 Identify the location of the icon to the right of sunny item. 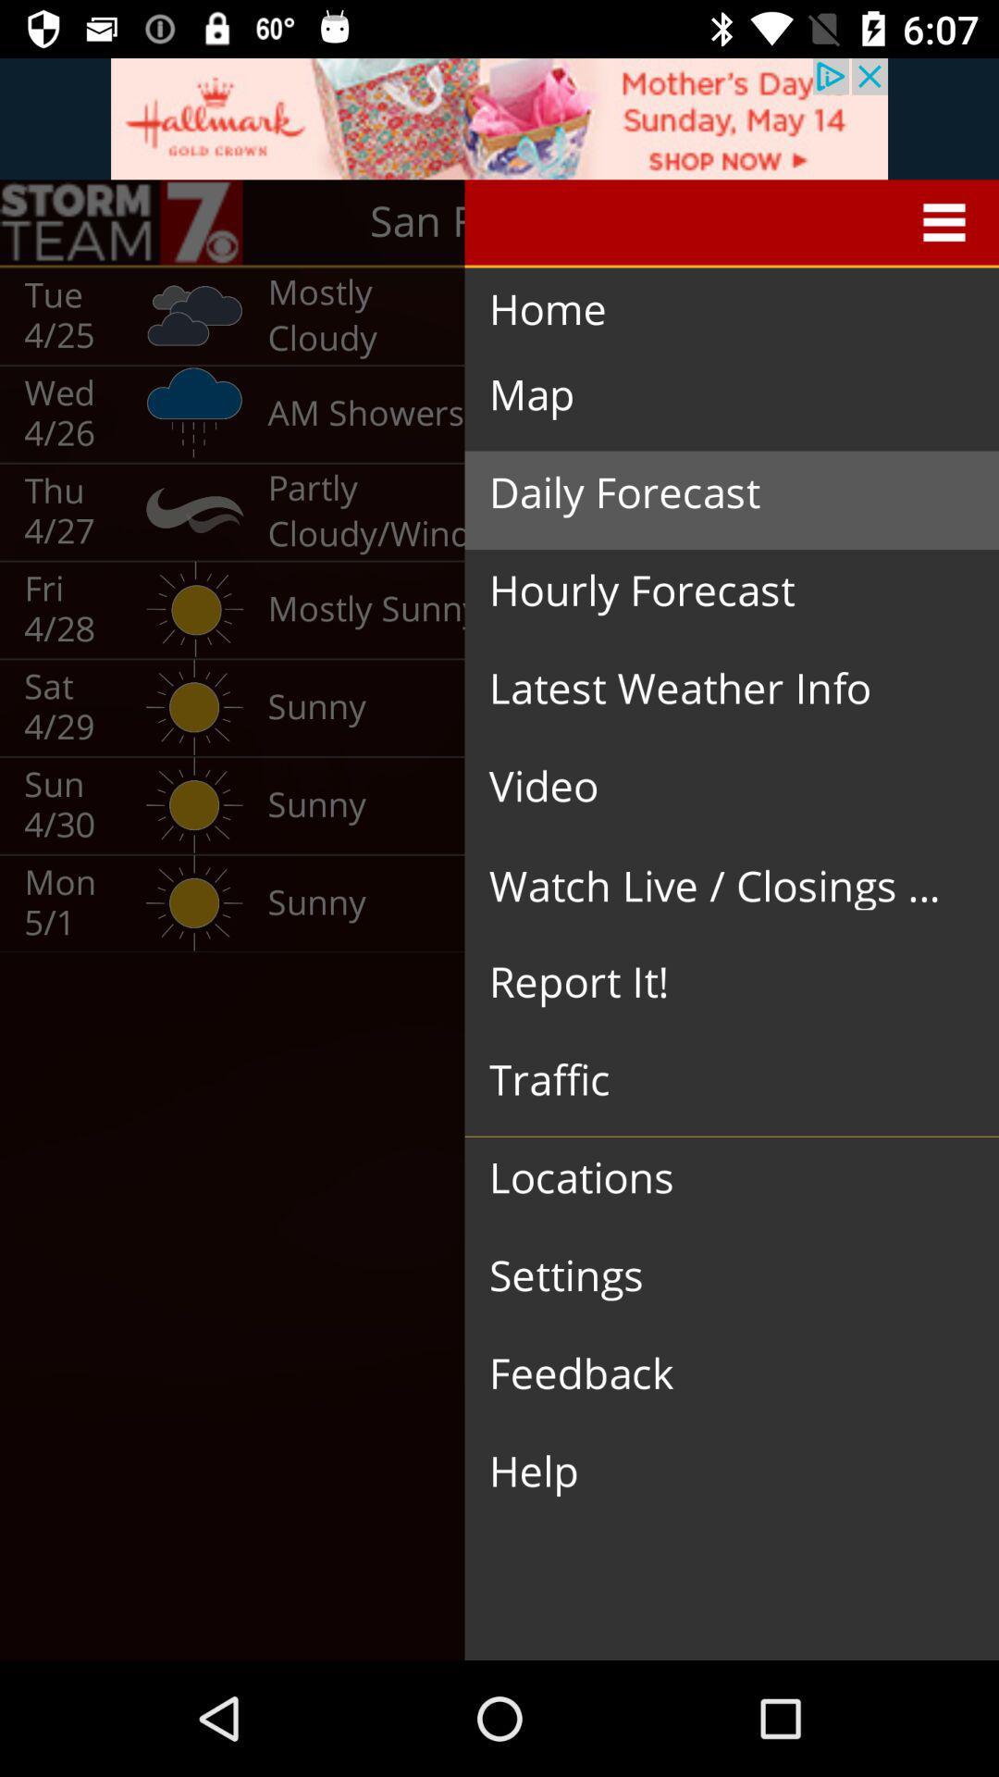
(716, 982).